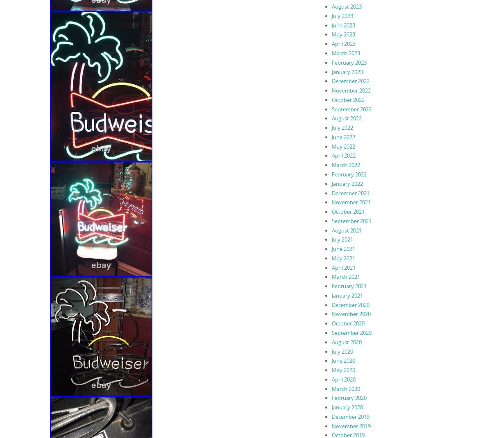 The width and height of the screenshot is (485, 438). Describe the element at coordinates (351, 202) in the screenshot. I see `'November 2021'` at that location.